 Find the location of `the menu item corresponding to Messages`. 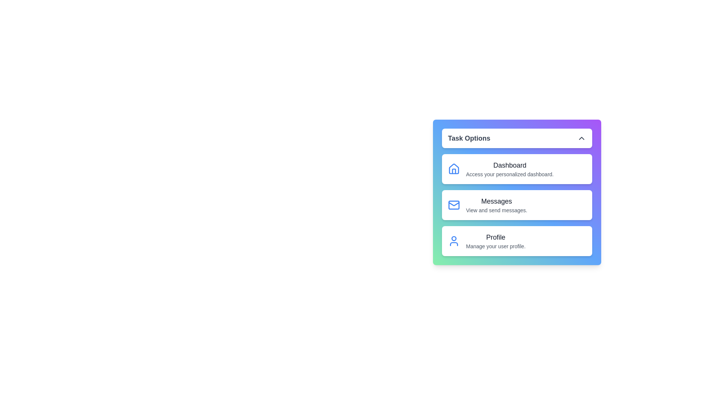

the menu item corresponding to Messages is located at coordinates (517, 205).